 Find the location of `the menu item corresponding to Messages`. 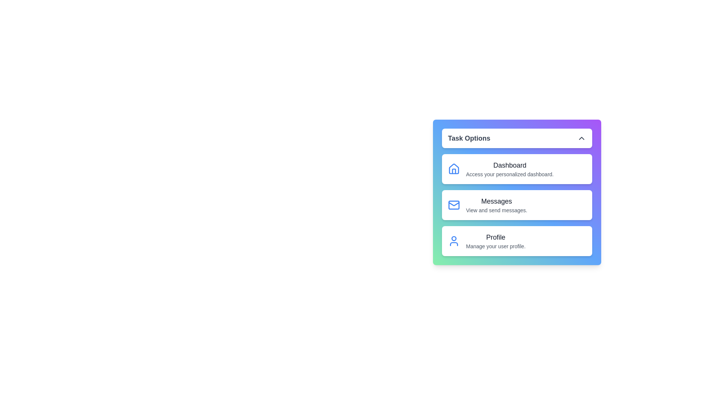

the menu item corresponding to Messages is located at coordinates (517, 205).